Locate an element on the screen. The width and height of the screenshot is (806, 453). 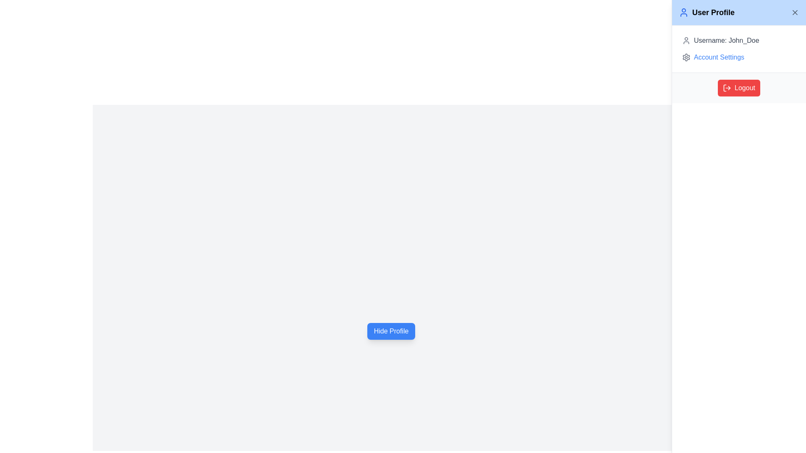
the label displaying 'Username: John_Doe' in the 'User Profile' panel on the right side of the interface is located at coordinates (726, 40).